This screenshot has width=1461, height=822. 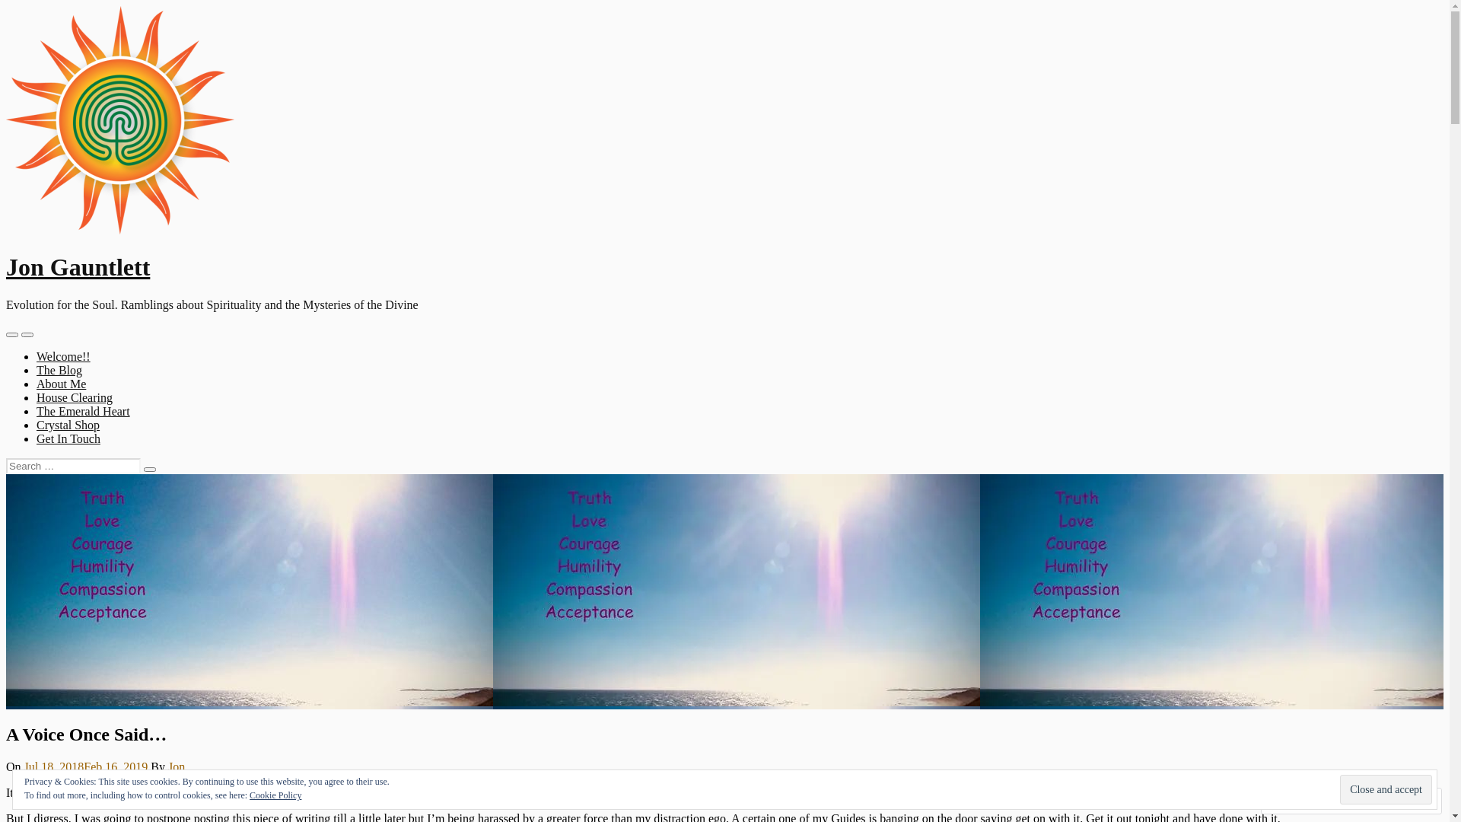 I want to click on 'Menu', so click(x=11, y=333).